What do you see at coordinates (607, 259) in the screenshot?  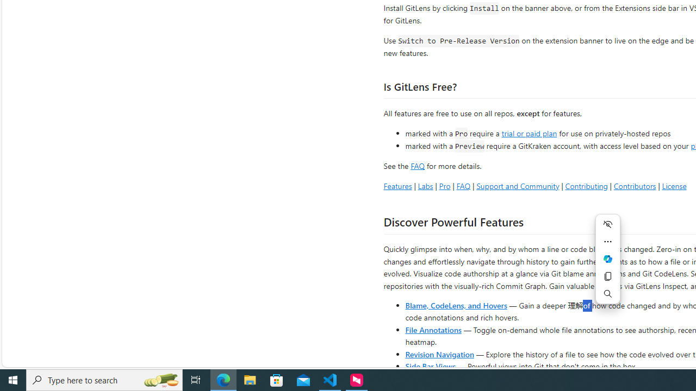 I see `'Ask Copilot'` at bounding box center [607, 259].